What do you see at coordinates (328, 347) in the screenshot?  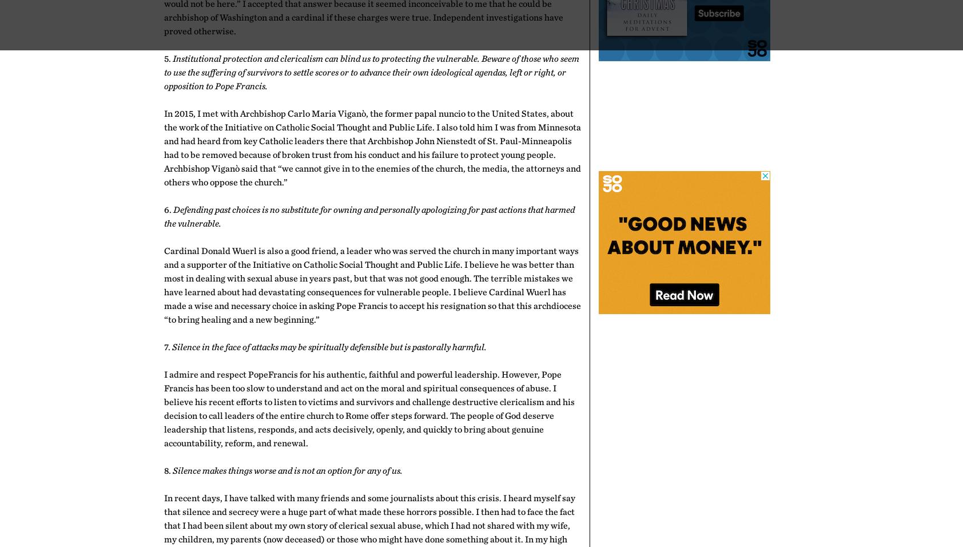 I see `'Silence in the face of attacks may be spiritually defensible but is pastorally harmful.'` at bounding box center [328, 347].